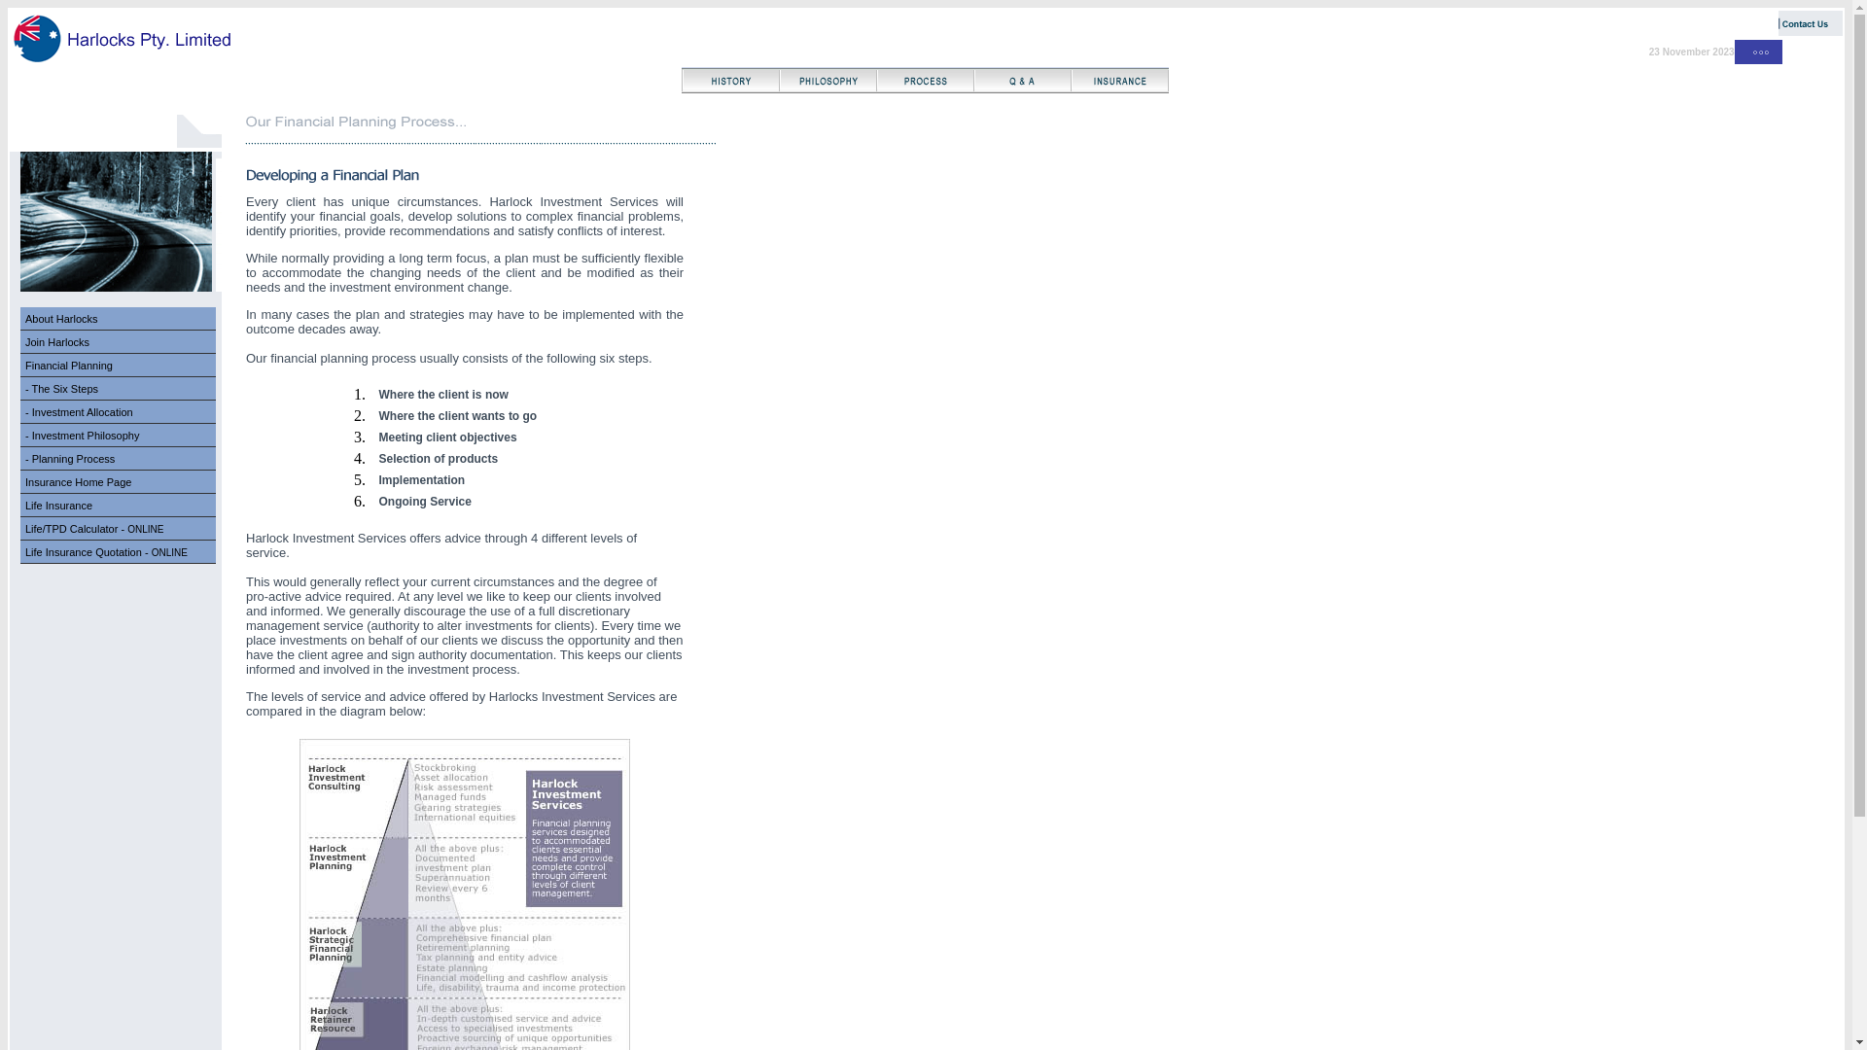 The image size is (1867, 1050). Describe the element at coordinates (117, 340) in the screenshot. I see `'Join Harlocks'` at that location.